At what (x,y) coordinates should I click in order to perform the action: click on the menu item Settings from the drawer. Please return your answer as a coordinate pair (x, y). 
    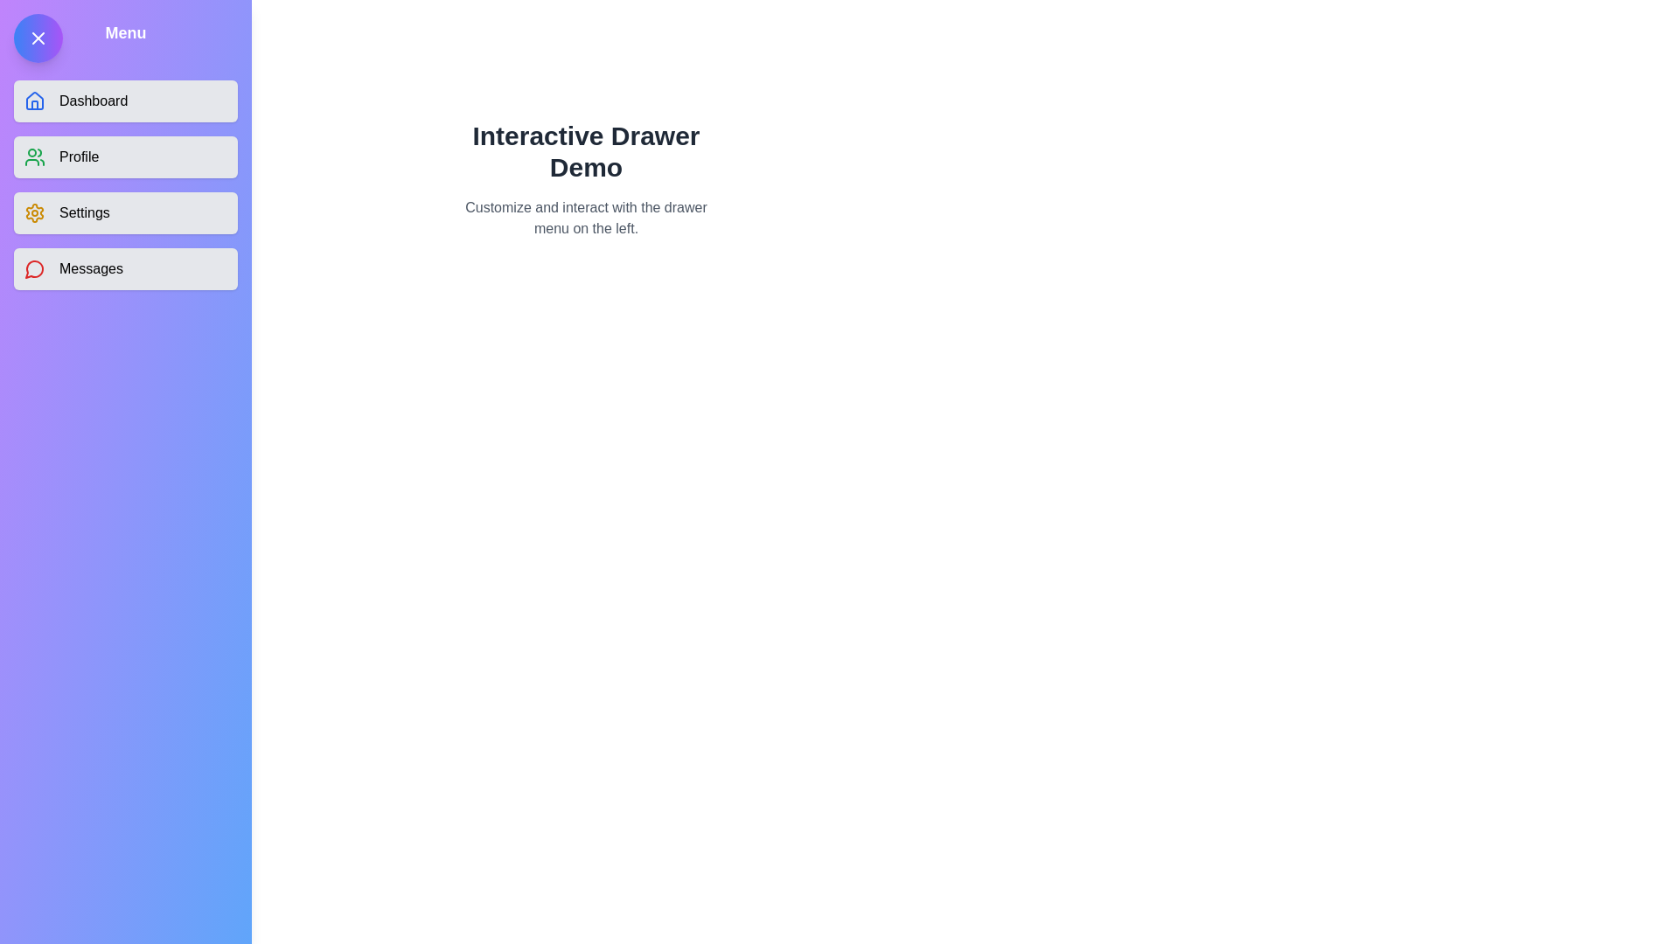
    Looking at the image, I should click on (125, 212).